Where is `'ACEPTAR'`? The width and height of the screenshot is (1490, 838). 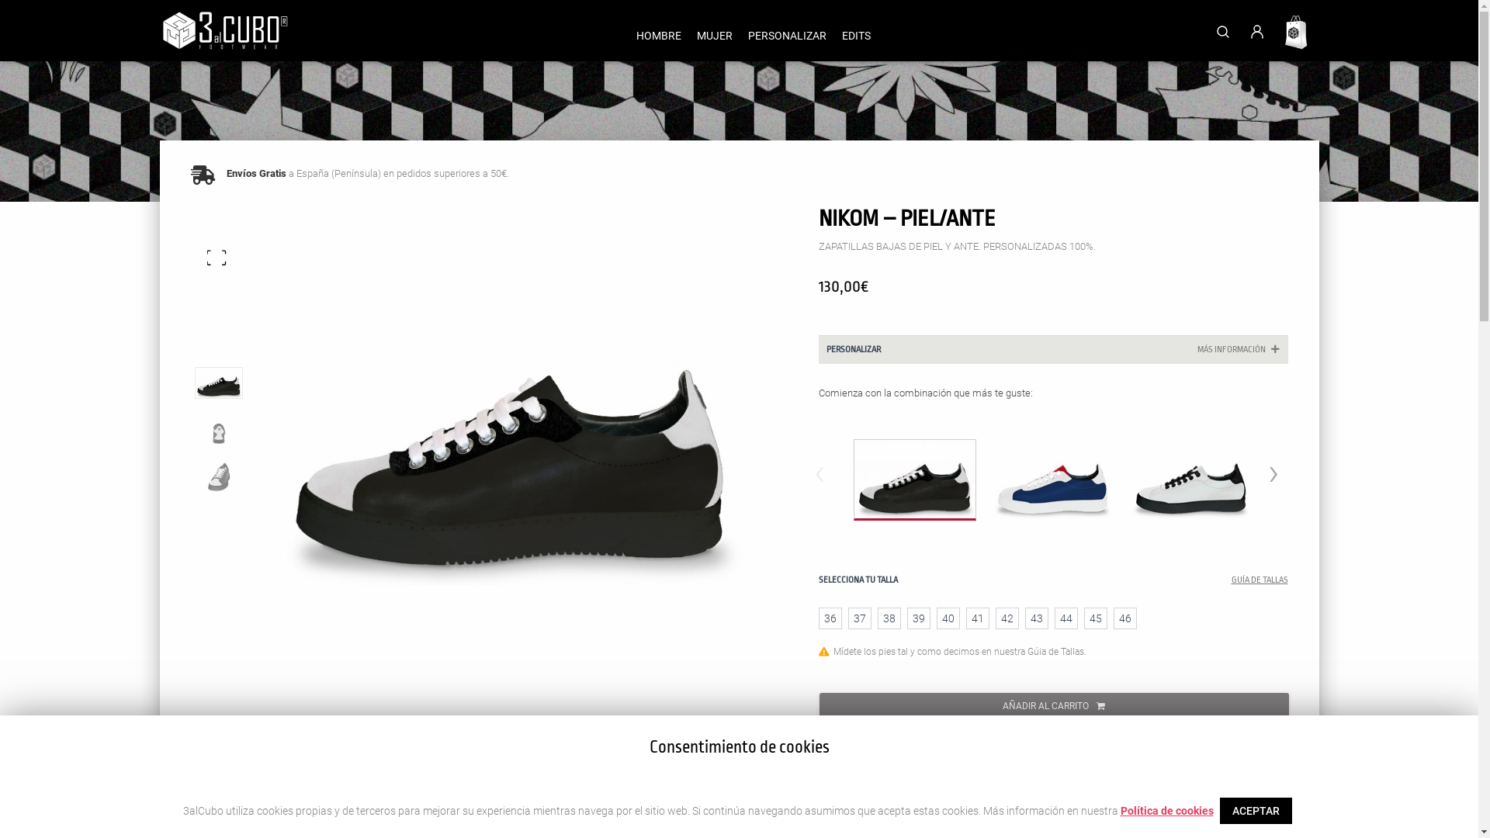
'ACEPTAR' is located at coordinates (1218, 810).